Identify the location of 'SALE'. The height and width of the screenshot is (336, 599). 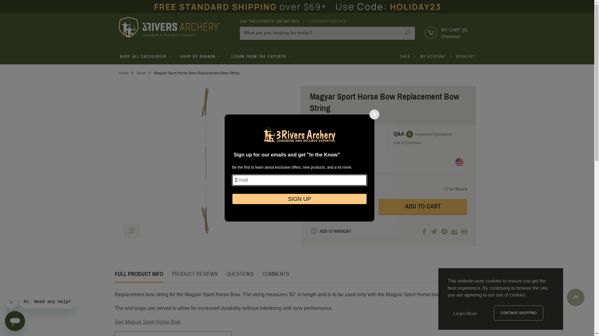
(405, 57).